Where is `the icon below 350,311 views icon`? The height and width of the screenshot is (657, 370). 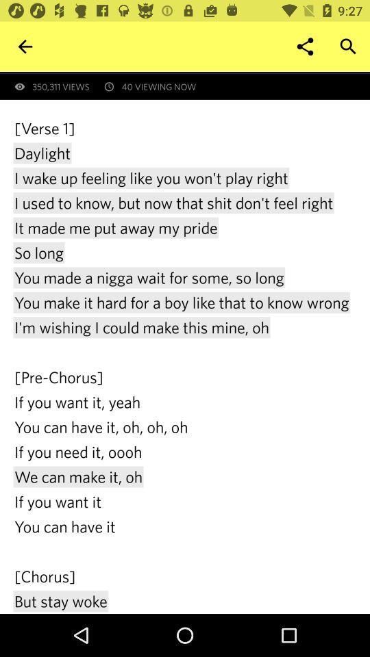 the icon below 350,311 views icon is located at coordinates (185, 365).